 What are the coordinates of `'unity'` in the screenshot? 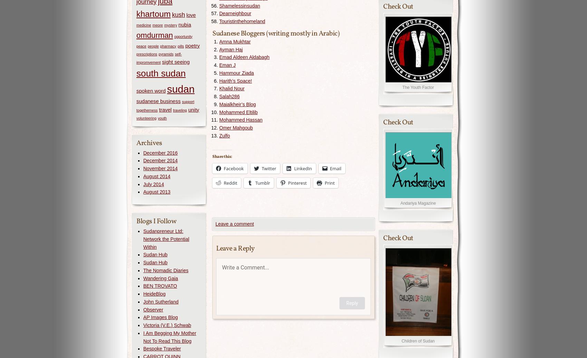 It's located at (193, 109).